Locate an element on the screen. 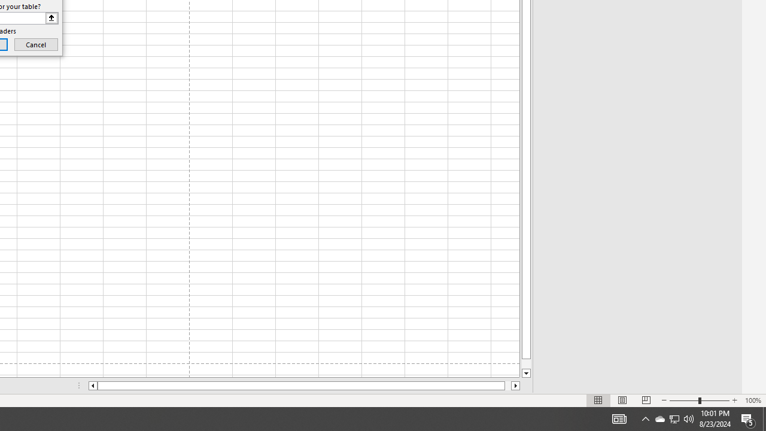 The width and height of the screenshot is (766, 431). 'Zoom' is located at coordinates (699, 400).